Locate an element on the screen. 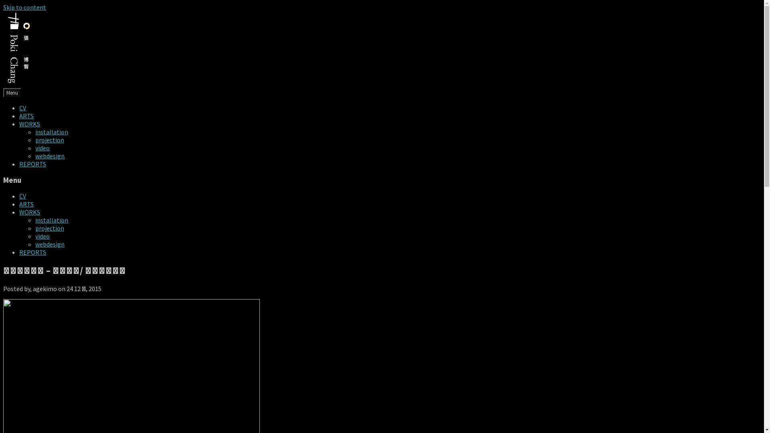 The width and height of the screenshot is (770, 433). 'video' is located at coordinates (34, 236).